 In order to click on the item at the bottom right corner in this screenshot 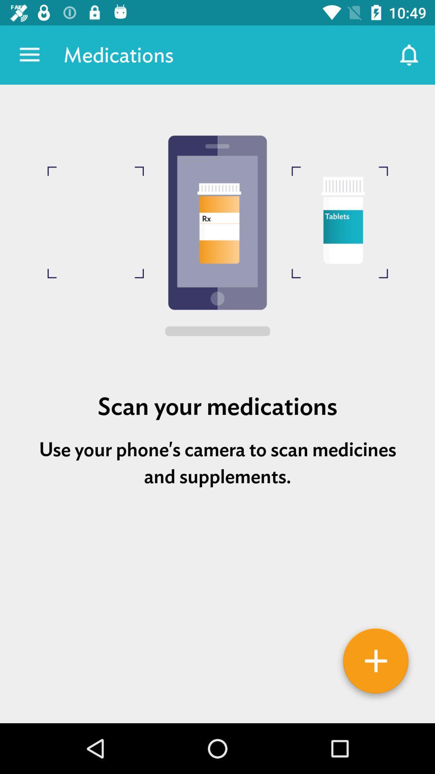, I will do `click(376, 664)`.